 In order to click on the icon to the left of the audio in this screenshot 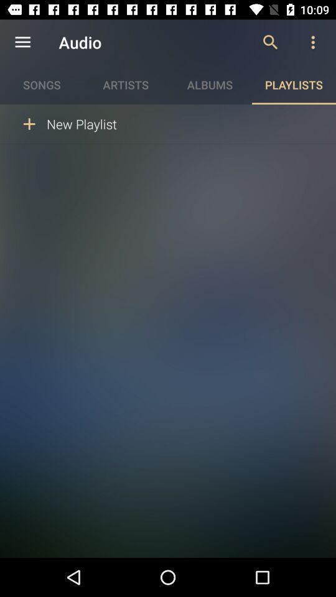, I will do `click(22, 42)`.